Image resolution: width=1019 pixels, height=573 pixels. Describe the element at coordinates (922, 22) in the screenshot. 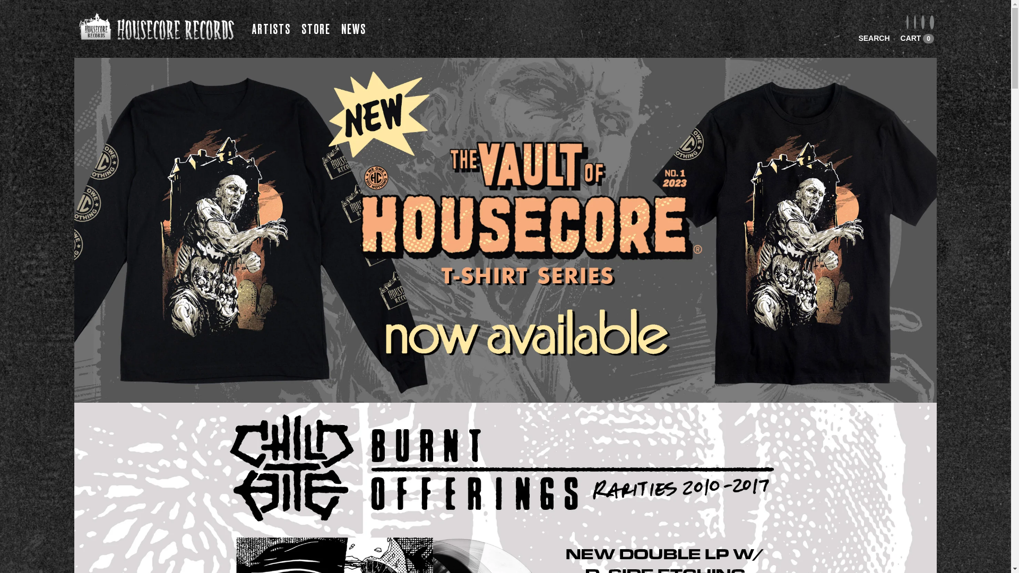

I see `'twitter'` at that location.